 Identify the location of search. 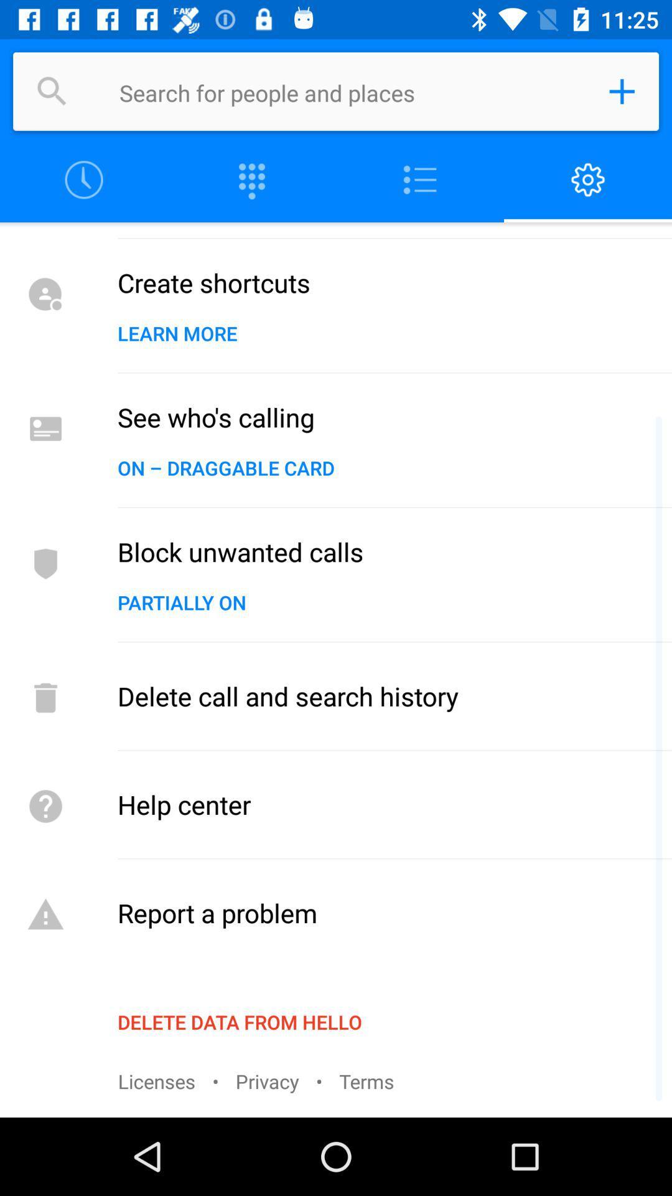
(351, 91).